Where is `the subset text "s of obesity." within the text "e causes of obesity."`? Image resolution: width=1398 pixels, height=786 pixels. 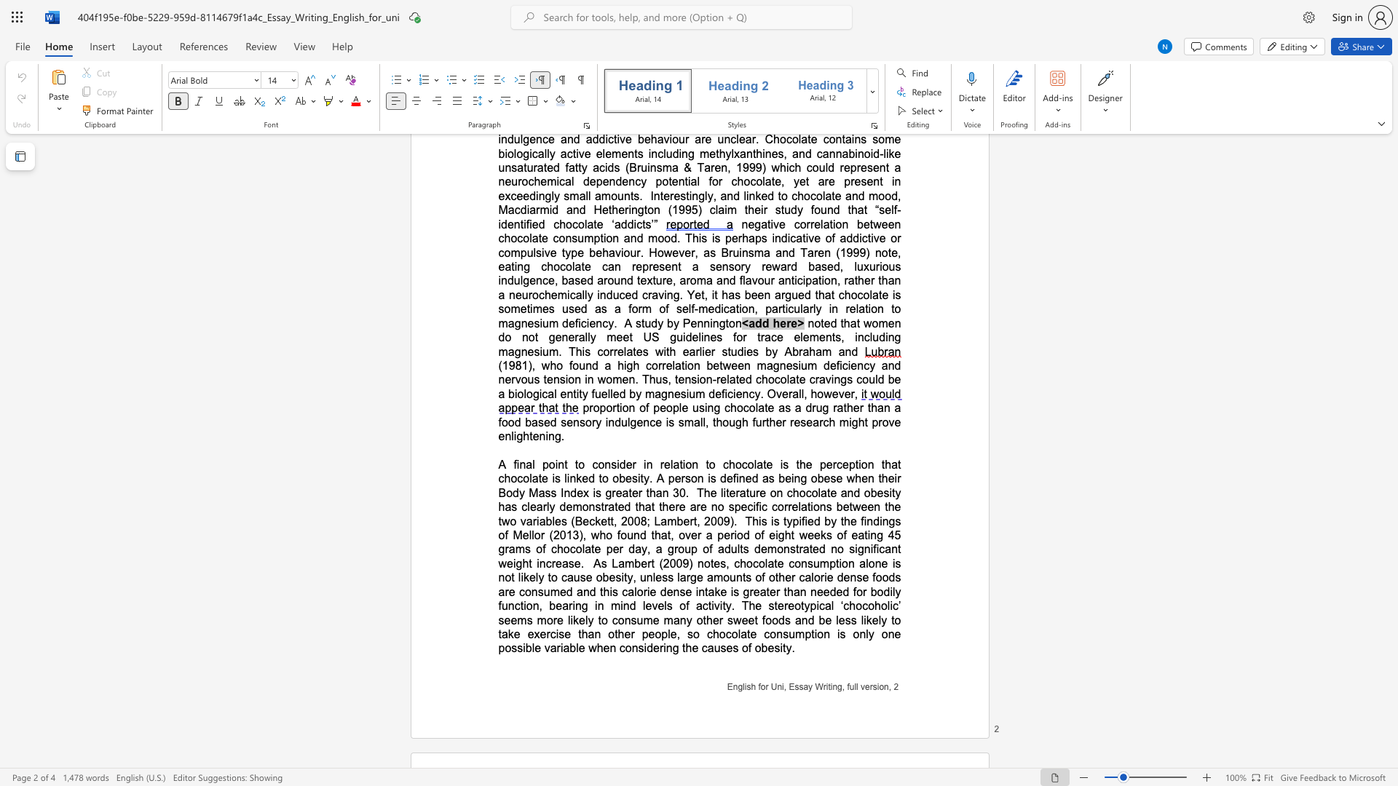 the subset text "s of obesity." within the text "e causes of obesity." is located at coordinates (732, 647).